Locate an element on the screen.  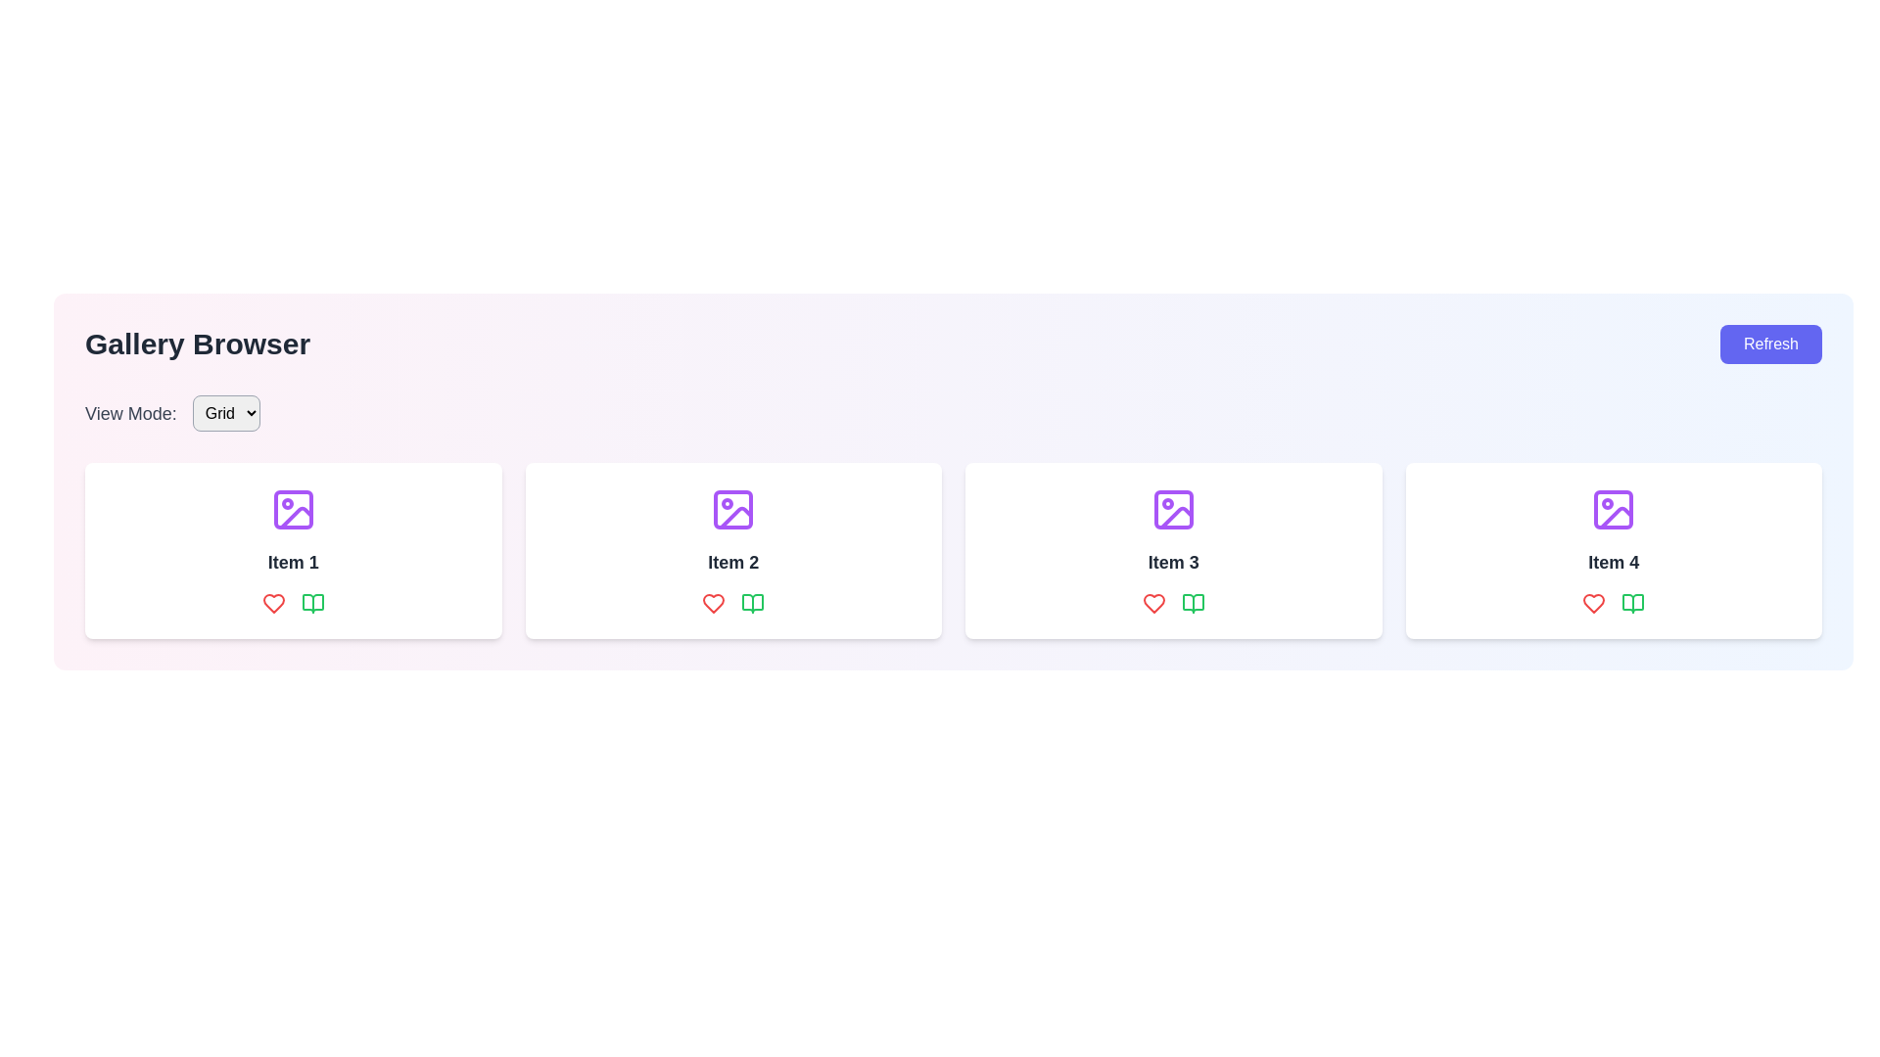
the static text label located directly under the purple image icon in the first card of a row of four horizontally aligned cards is located at coordinates (292, 562).